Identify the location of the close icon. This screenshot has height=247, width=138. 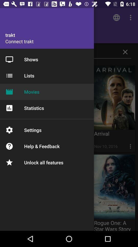
(125, 52).